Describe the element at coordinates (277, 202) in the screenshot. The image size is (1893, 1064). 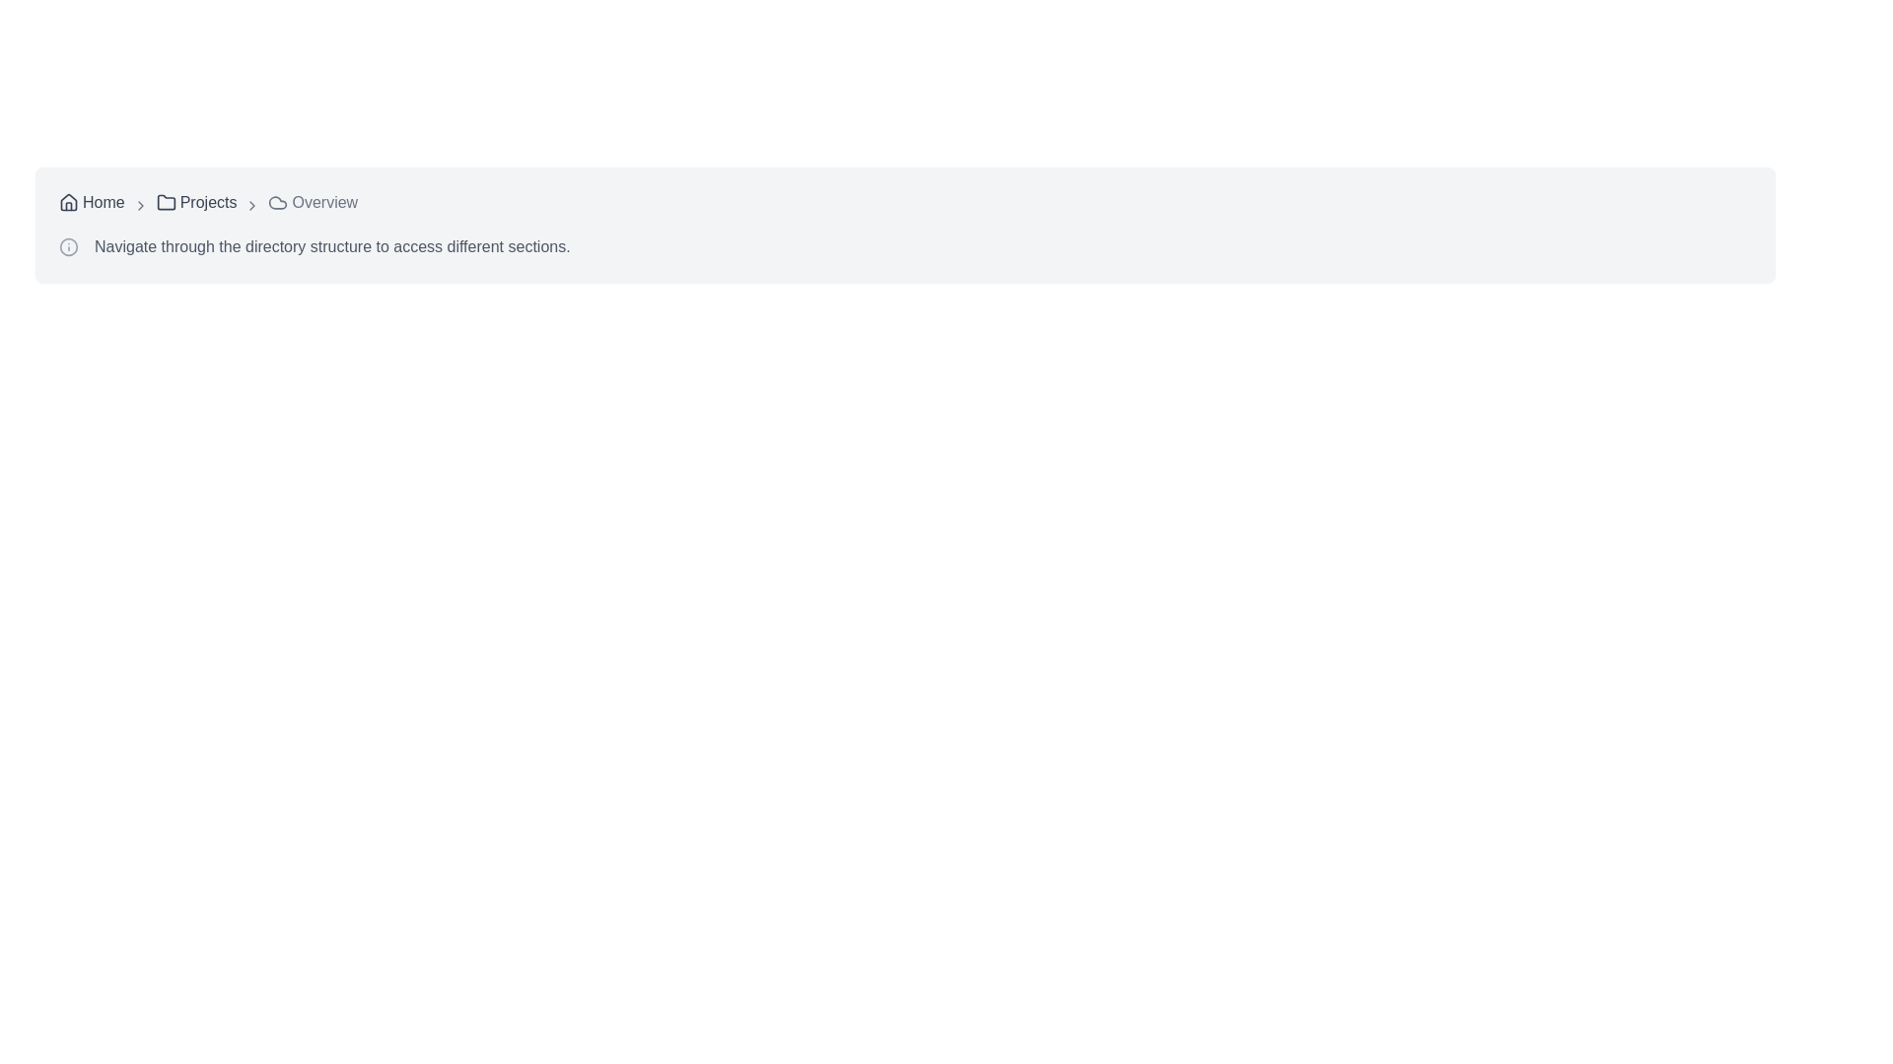
I see `the cloud-shaped icon located in the breadcrumb navigation bar, adjacent to 'Home' and 'Projects'` at that location.